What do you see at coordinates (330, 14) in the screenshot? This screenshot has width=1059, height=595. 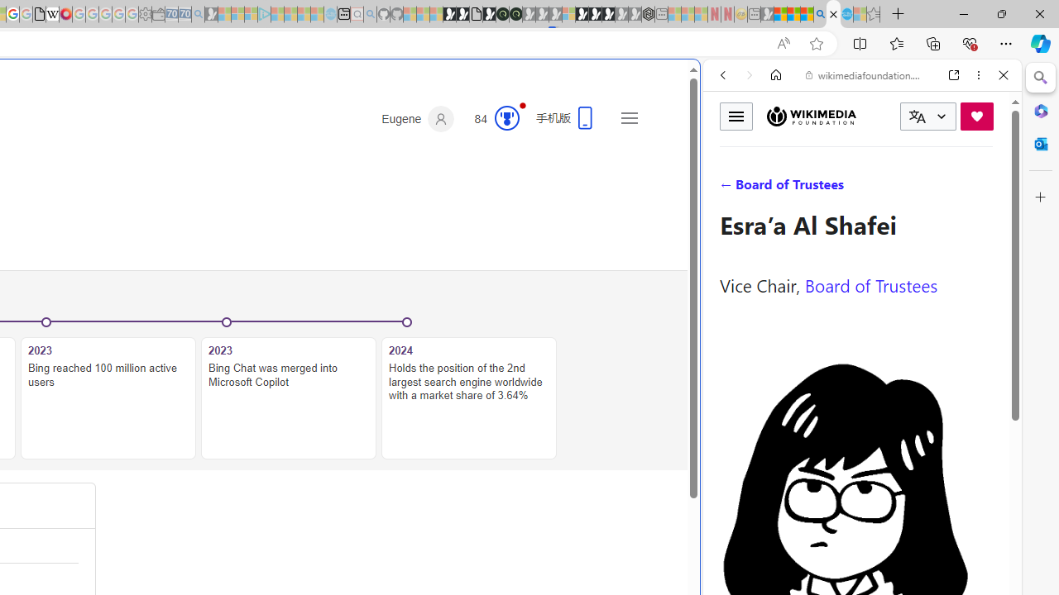 I see `'Home | Sky Blue Bikes - Sky Blue Bikes - Sleeping'` at bounding box center [330, 14].